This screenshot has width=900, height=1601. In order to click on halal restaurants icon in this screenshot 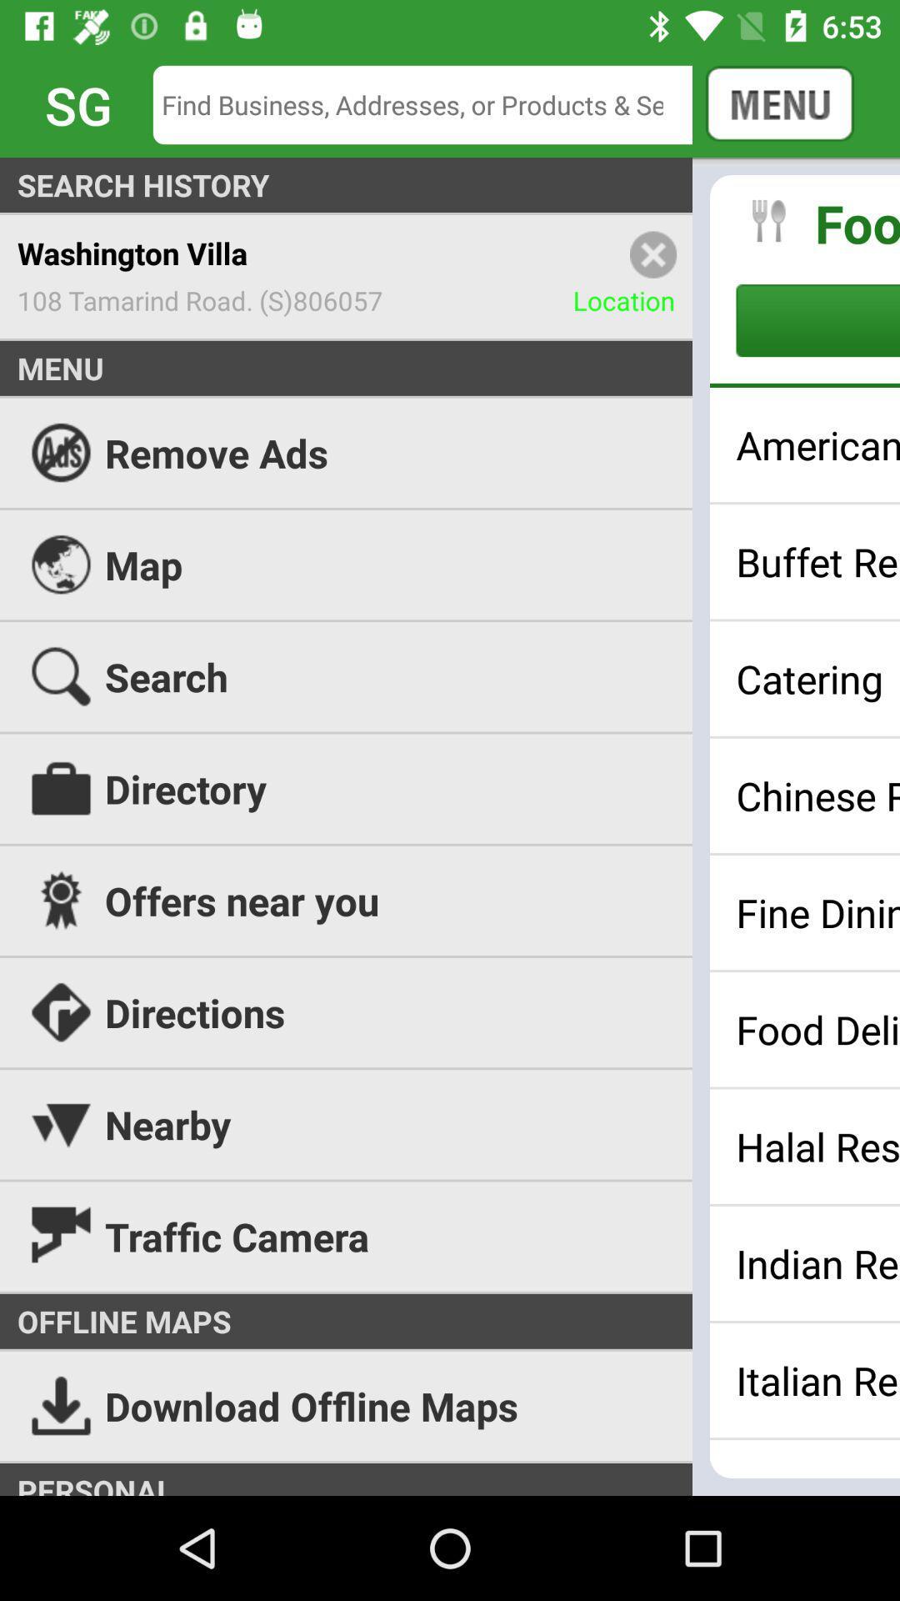, I will do `click(817, 1146)`.